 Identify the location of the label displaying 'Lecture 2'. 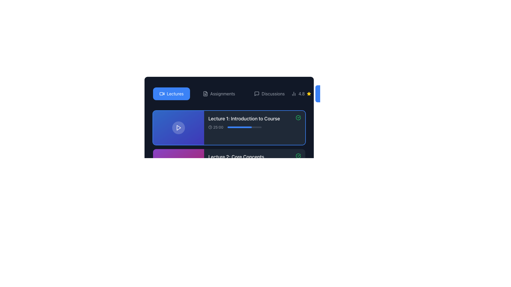
(236, 161).